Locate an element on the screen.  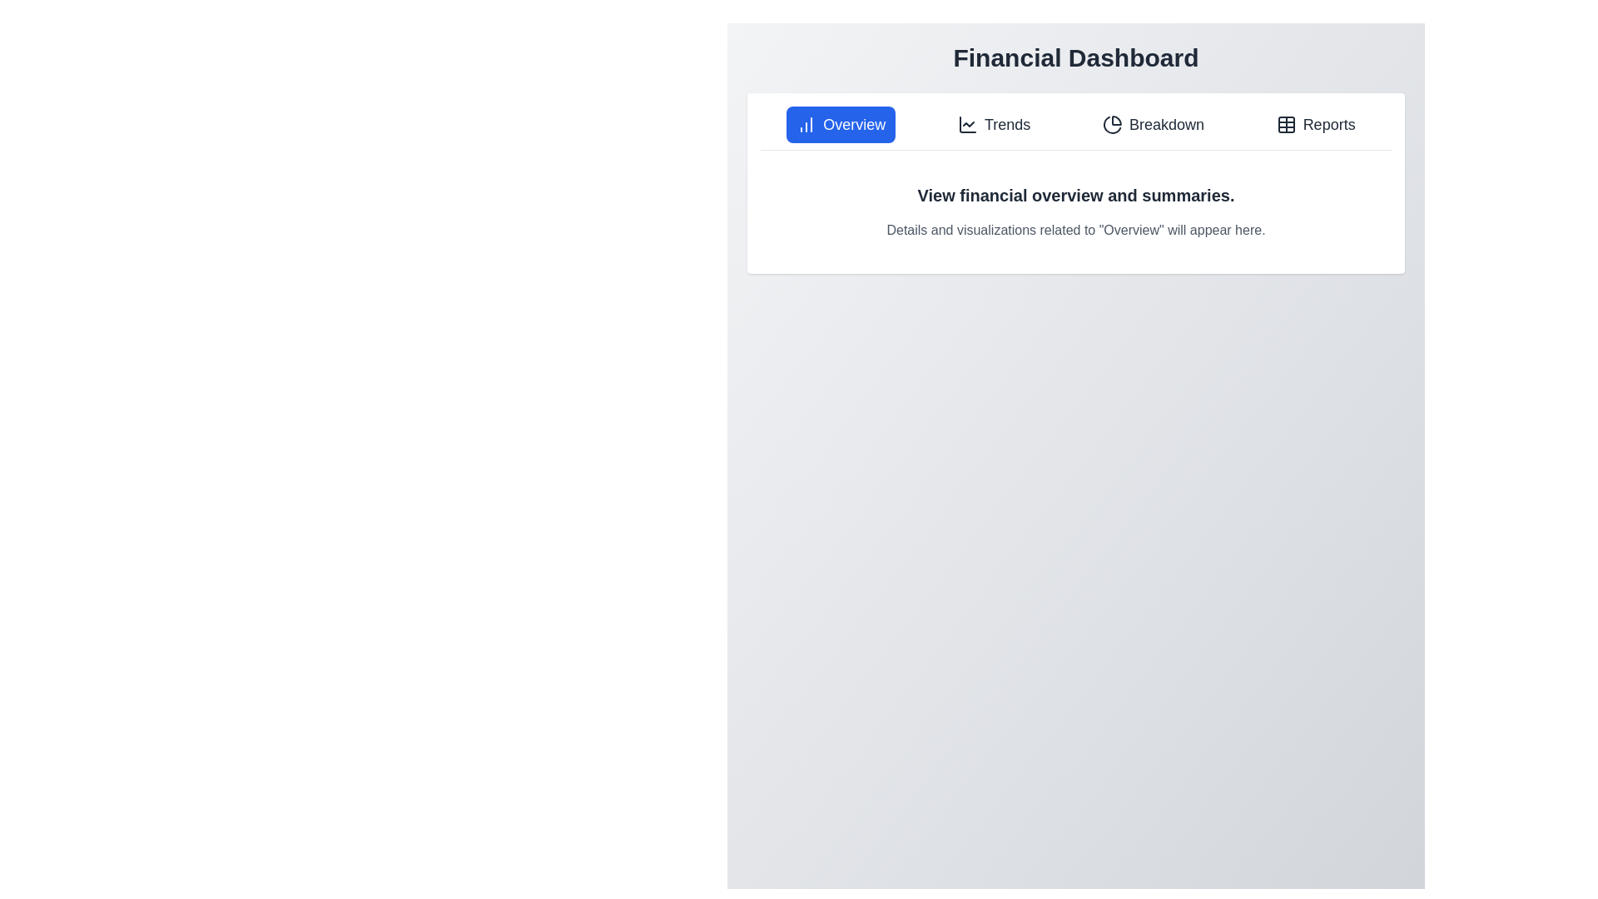
the tab labeled Breakdown is located at coordinates (1153, 124).